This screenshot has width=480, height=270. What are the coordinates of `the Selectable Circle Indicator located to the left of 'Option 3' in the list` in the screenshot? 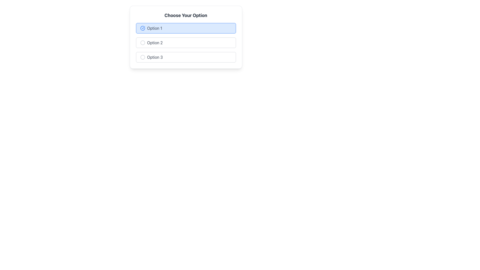 It's located at (142, 57).